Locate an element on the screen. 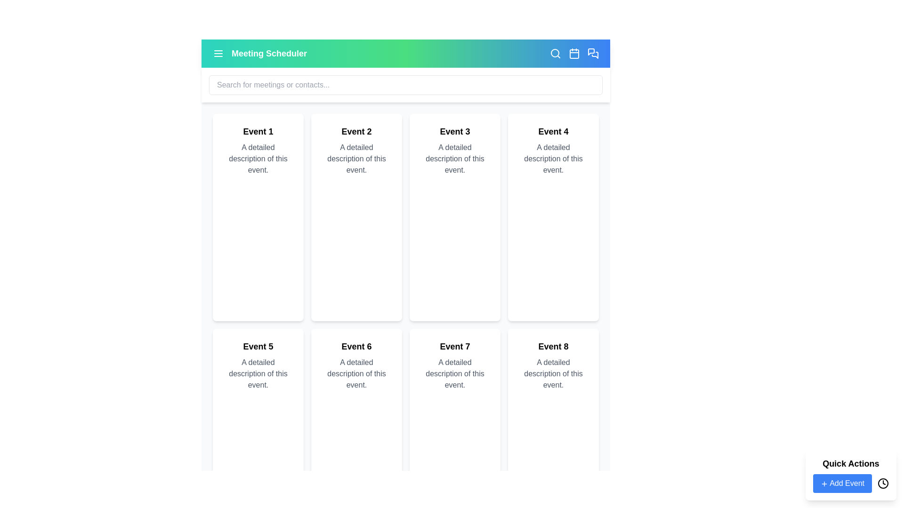 This screenshot has height=508, width=904. the text label that reads 'A detailed description of this event.' located below the title 'Event 8' within the card for 'Event 8.' is located at coordinates (553, 373).